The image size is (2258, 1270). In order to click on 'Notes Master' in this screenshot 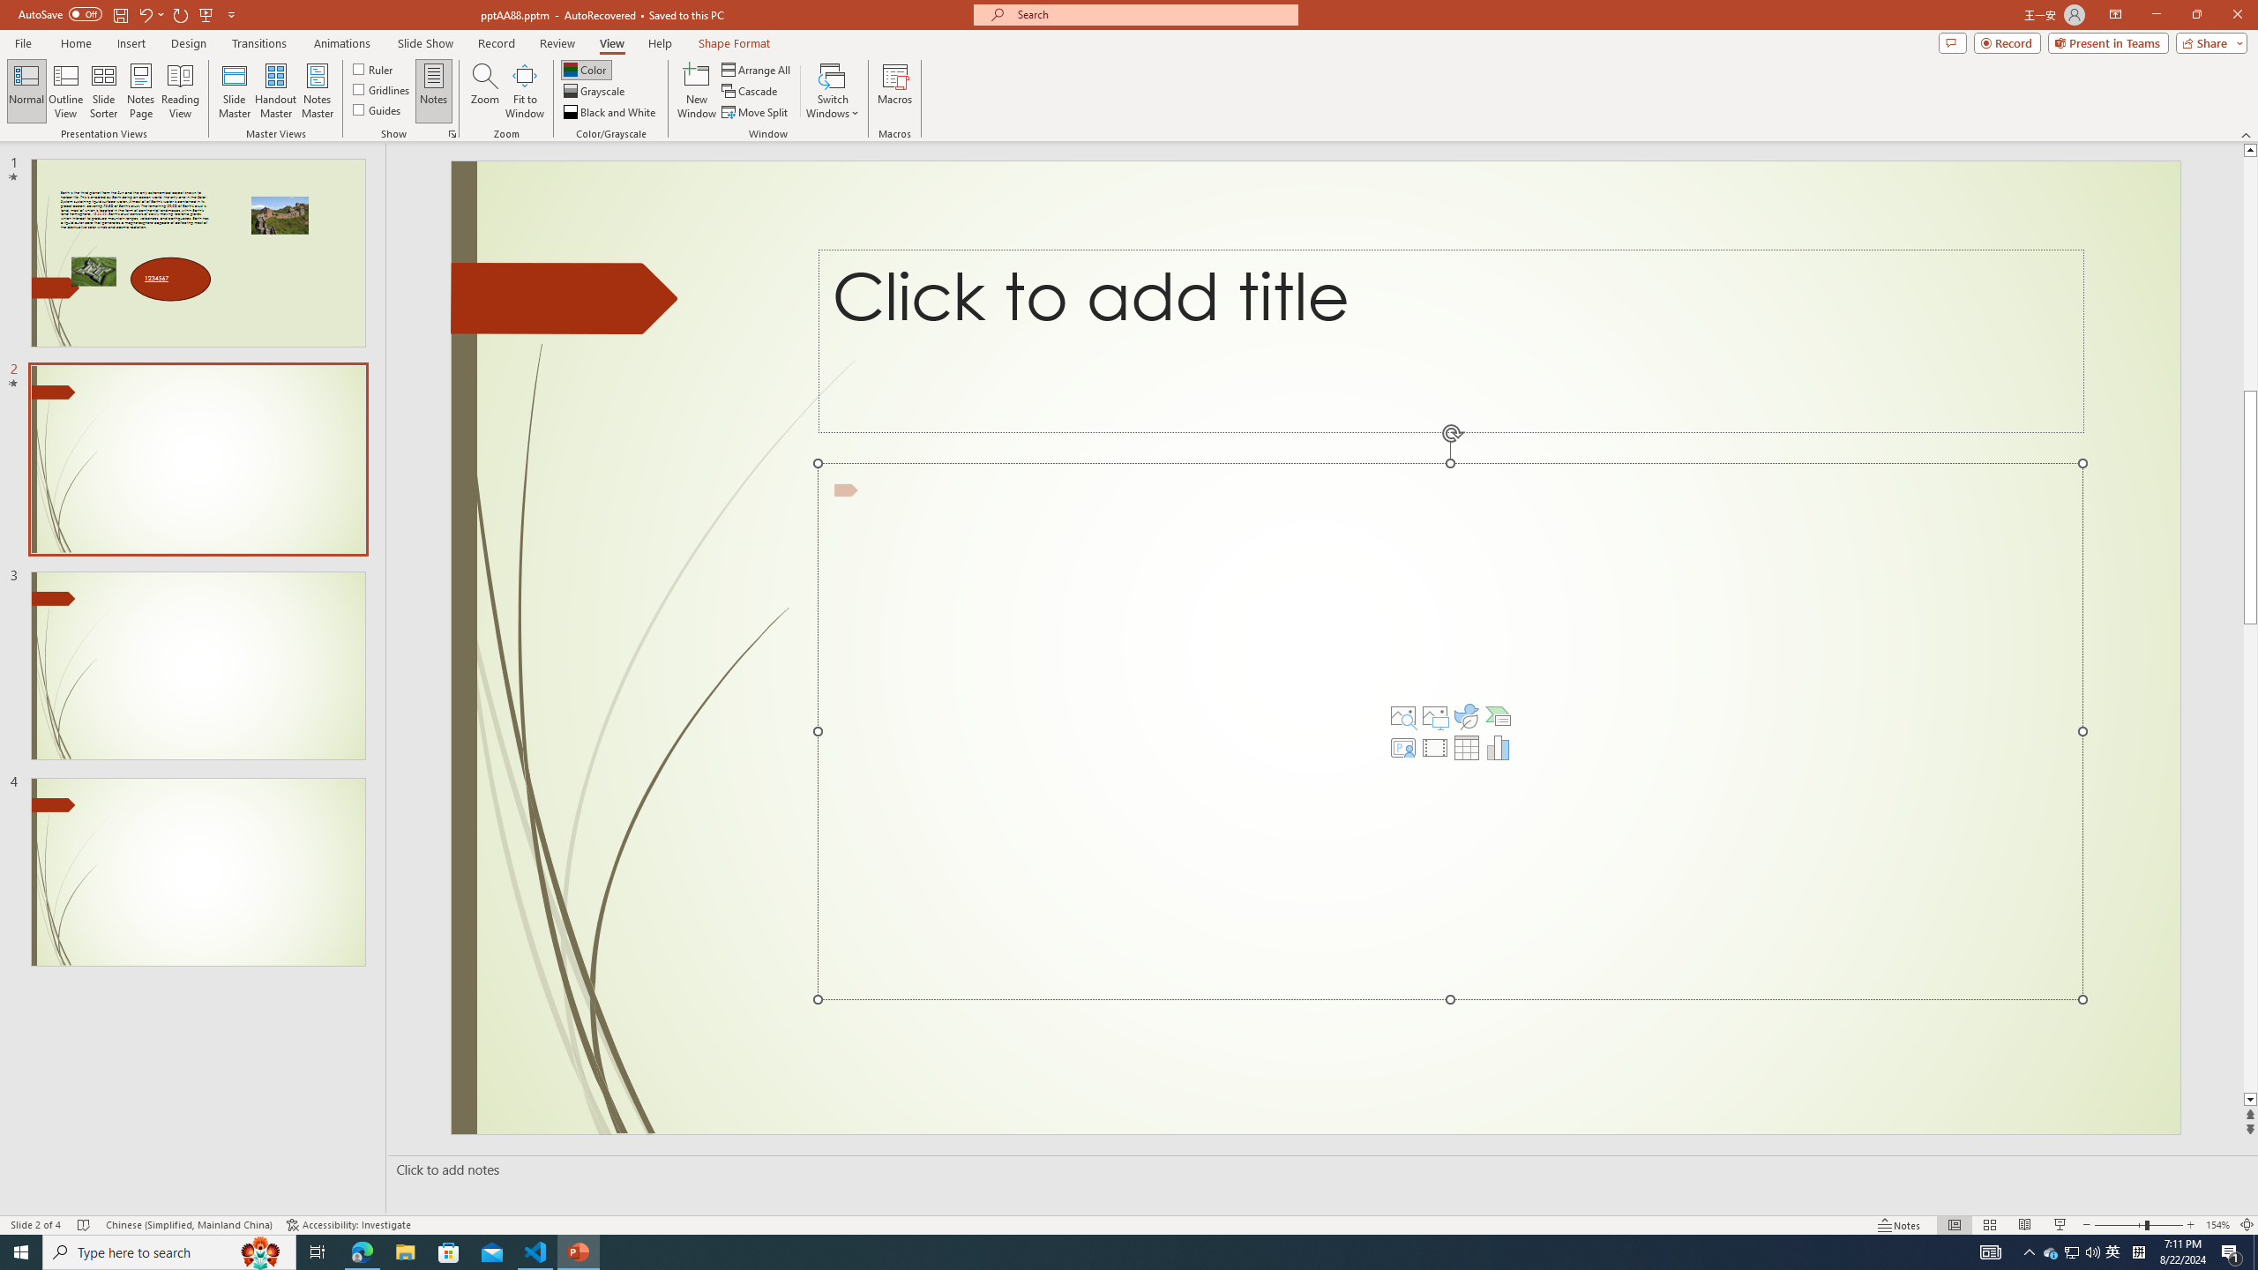, I will do `click(316, 91)`.